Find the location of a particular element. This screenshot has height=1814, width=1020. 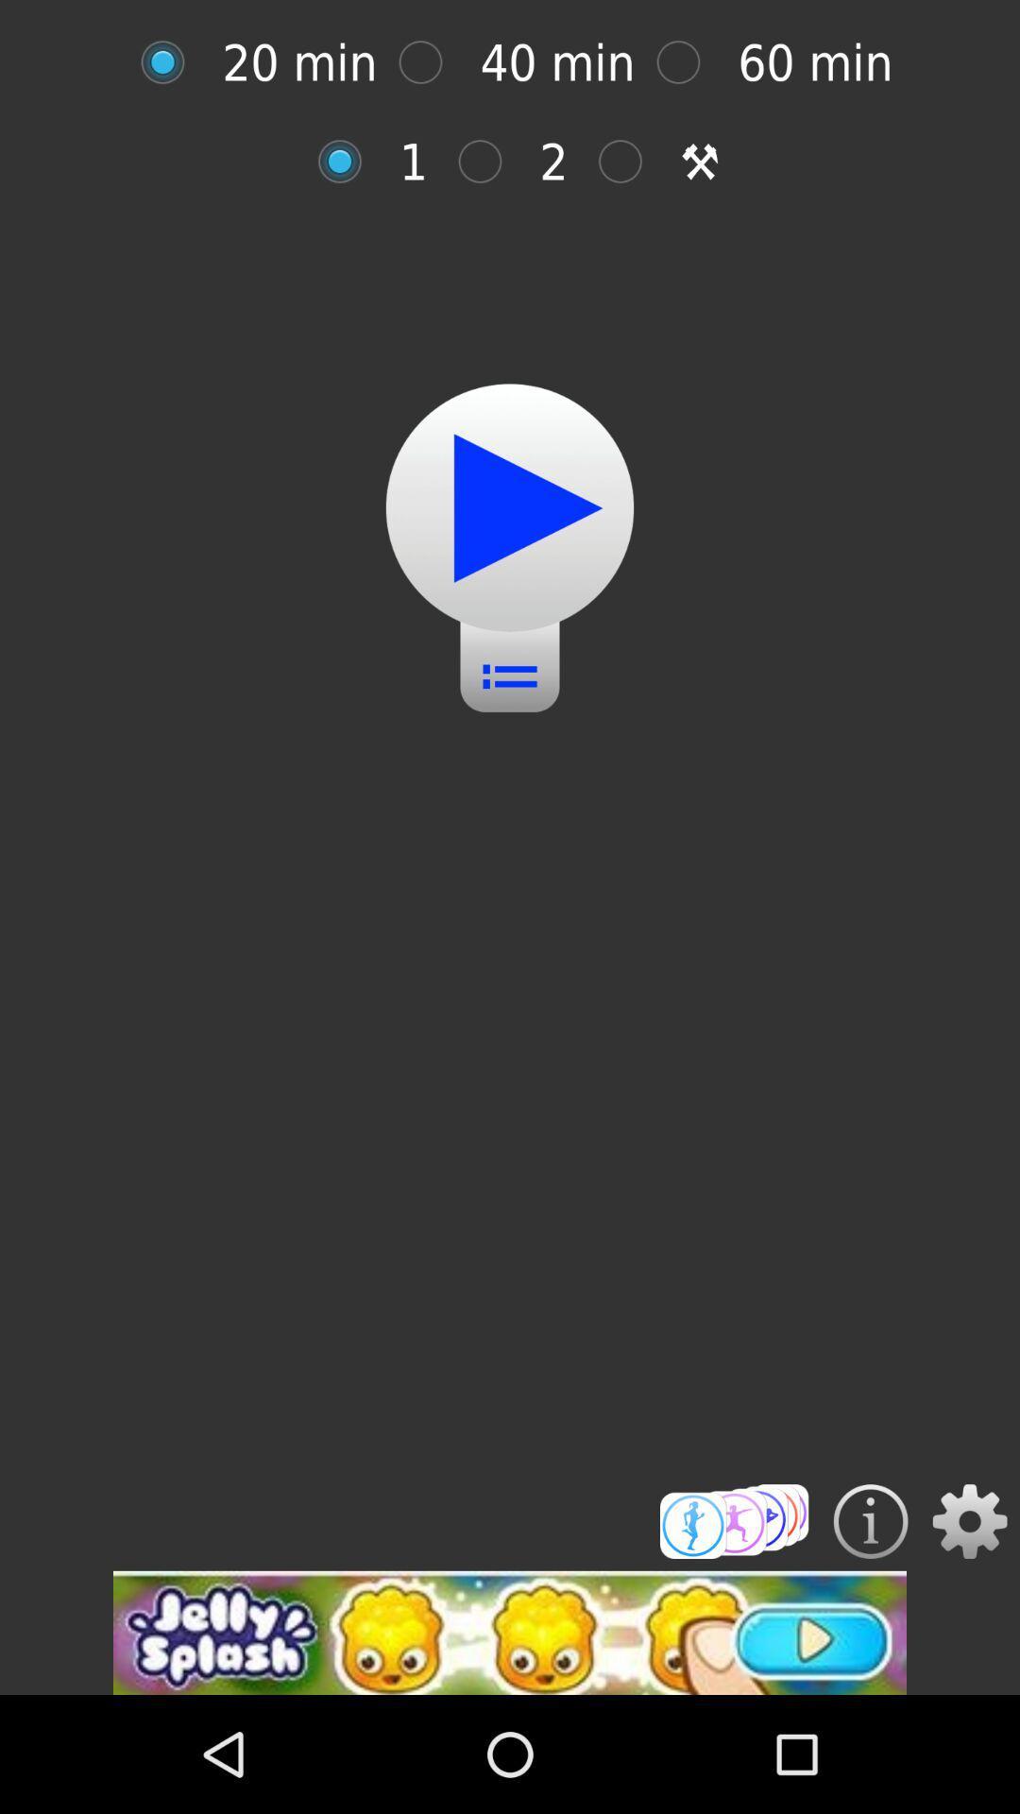

20 minute workout option is located at coordinates (172, 62).